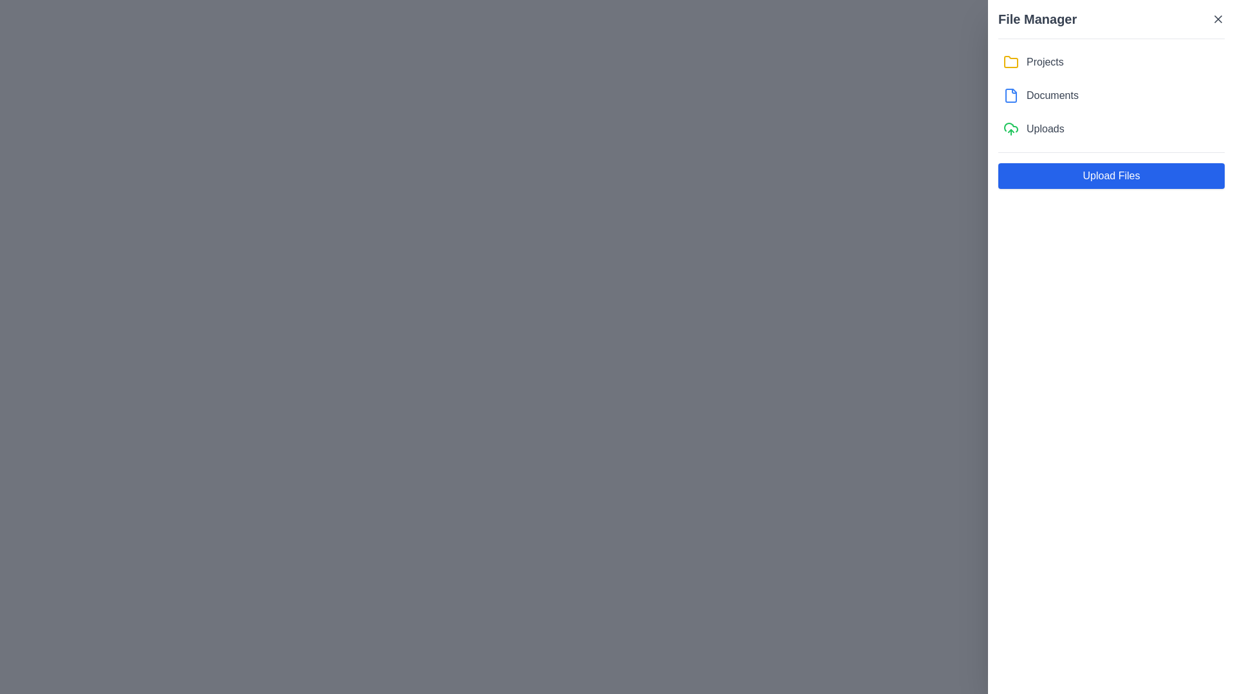  What do you see at coordinates (1111, 95) in the screenshot?
I see `the Navigation Menu located in the right-most sidebar of the 'File Manager', positioned above the 'Upload Files' button` at bounding box center [1111, 95].